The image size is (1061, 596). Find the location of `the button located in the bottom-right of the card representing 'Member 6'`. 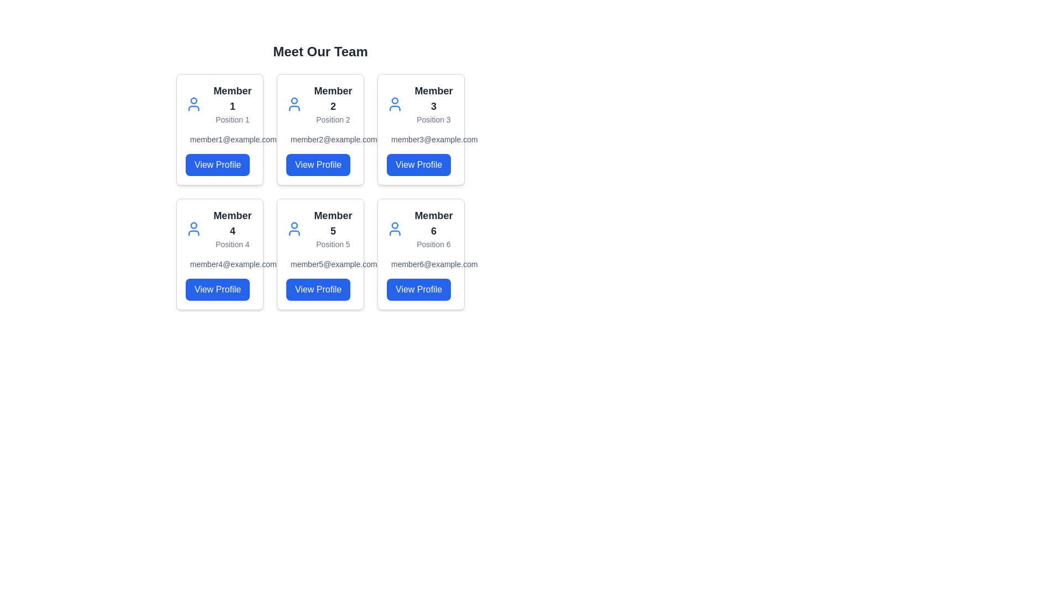

the button located in the bottom-right of the card representing 'Member 6' is located at coordinates (418, 289).